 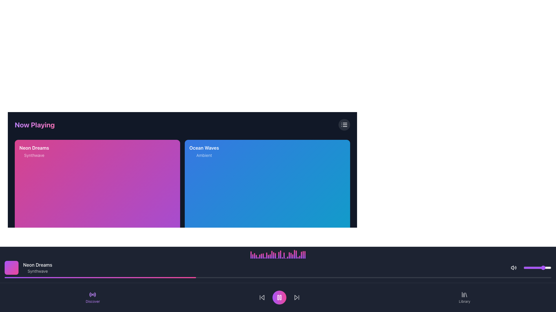 I want to click on the heart-shaped vector graphic representing the 'like' functionality located in the top-right corner of the blue card labeled 'Ocean Waves', so click(x=340, y=151).